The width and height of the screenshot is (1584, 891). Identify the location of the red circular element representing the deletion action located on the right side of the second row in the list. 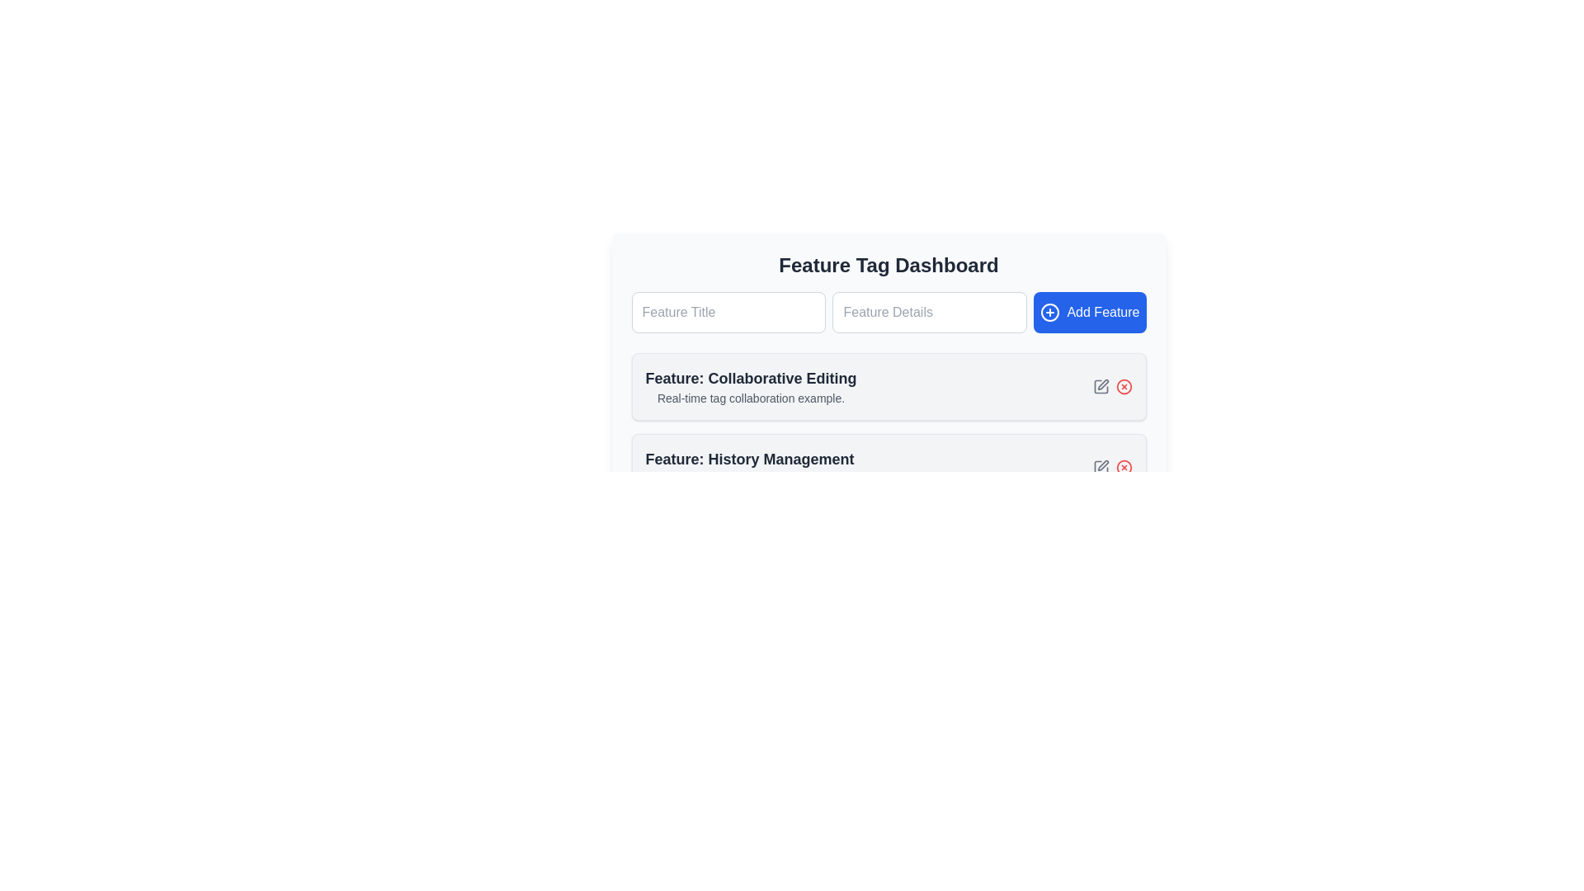
(1123, 468).